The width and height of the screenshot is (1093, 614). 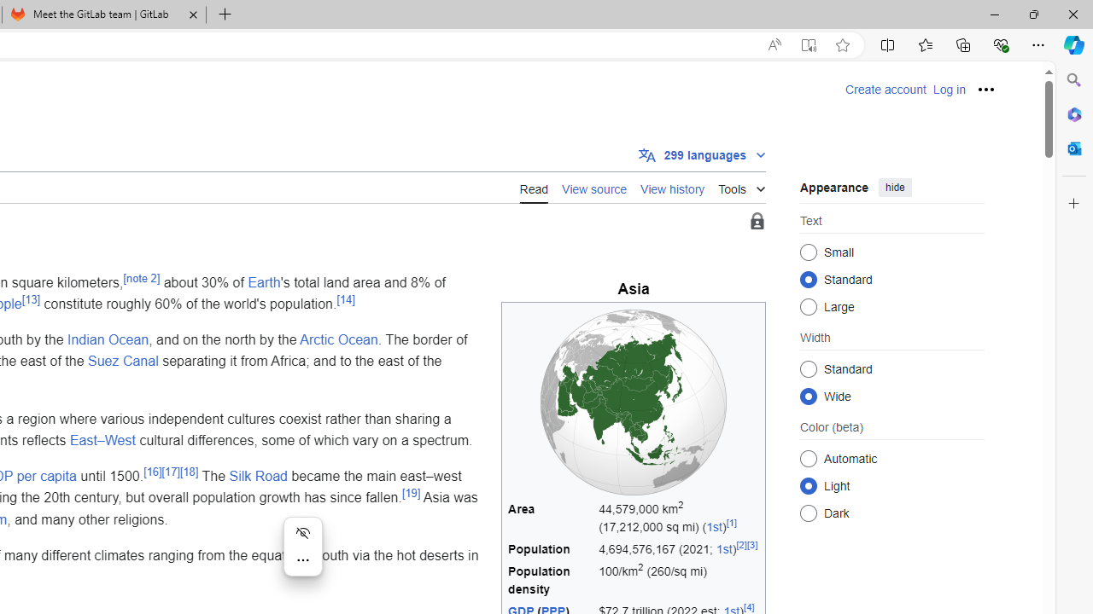 I want to click on '[2]', so click(x=741, y=545).